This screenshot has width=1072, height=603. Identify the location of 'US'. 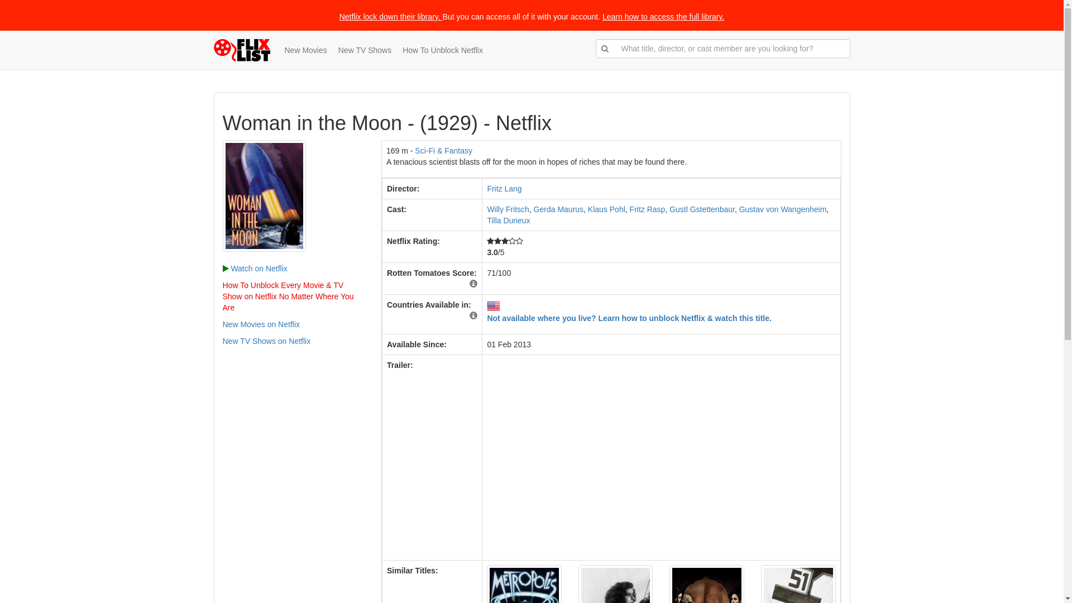
(492, 305).